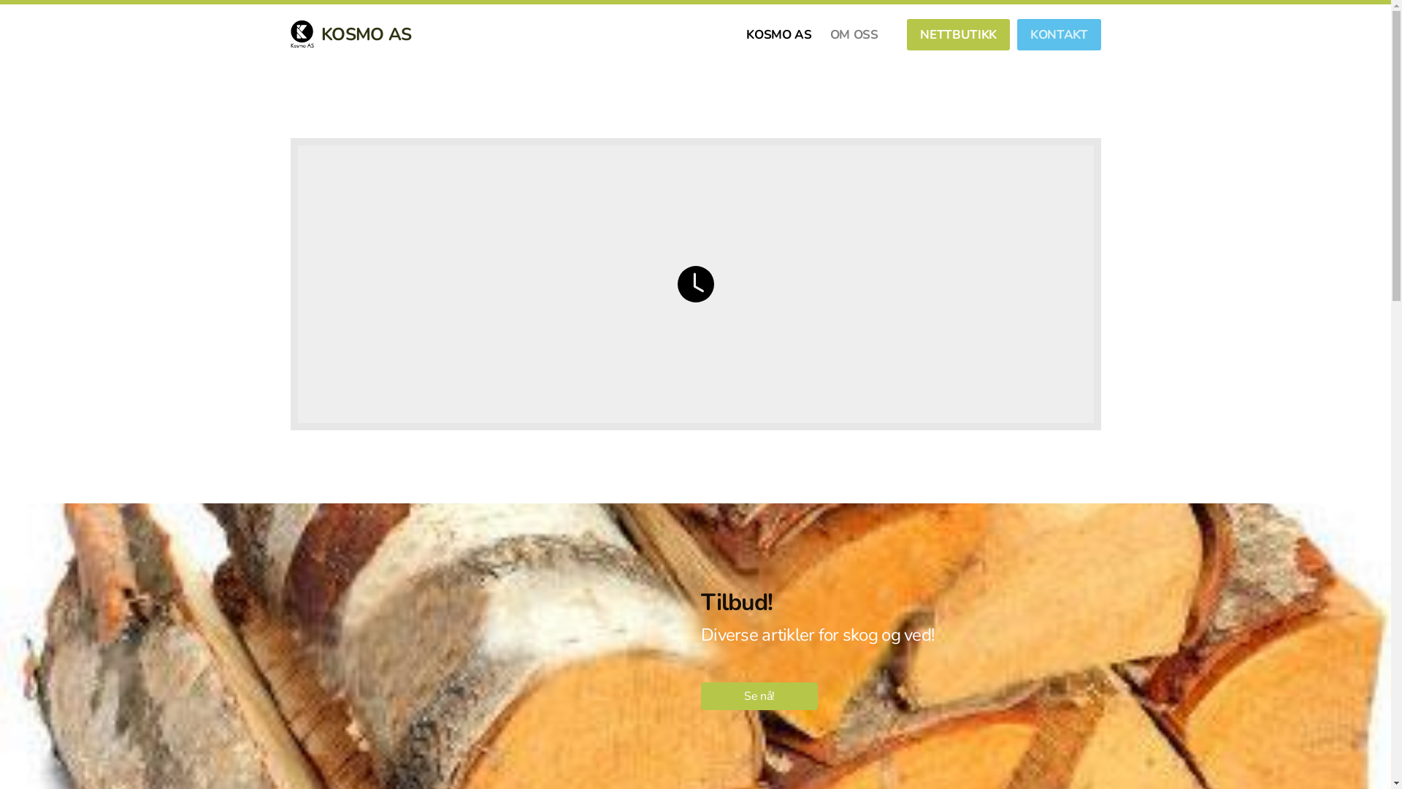 Image resolution: width=1402 pixels, height=789 pixels. Describe the element at coordinates (778, 34) in the screenshot. I see `'KOSMO AS'` at that location.